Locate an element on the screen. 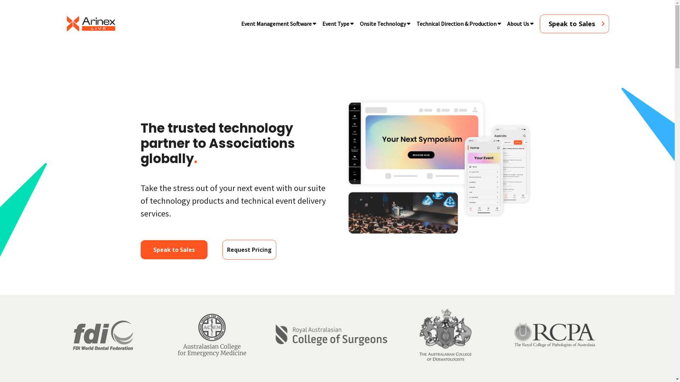 This screenshot has height=382, width=680. 'Request Pricing' is located at coordinates (249, 249).